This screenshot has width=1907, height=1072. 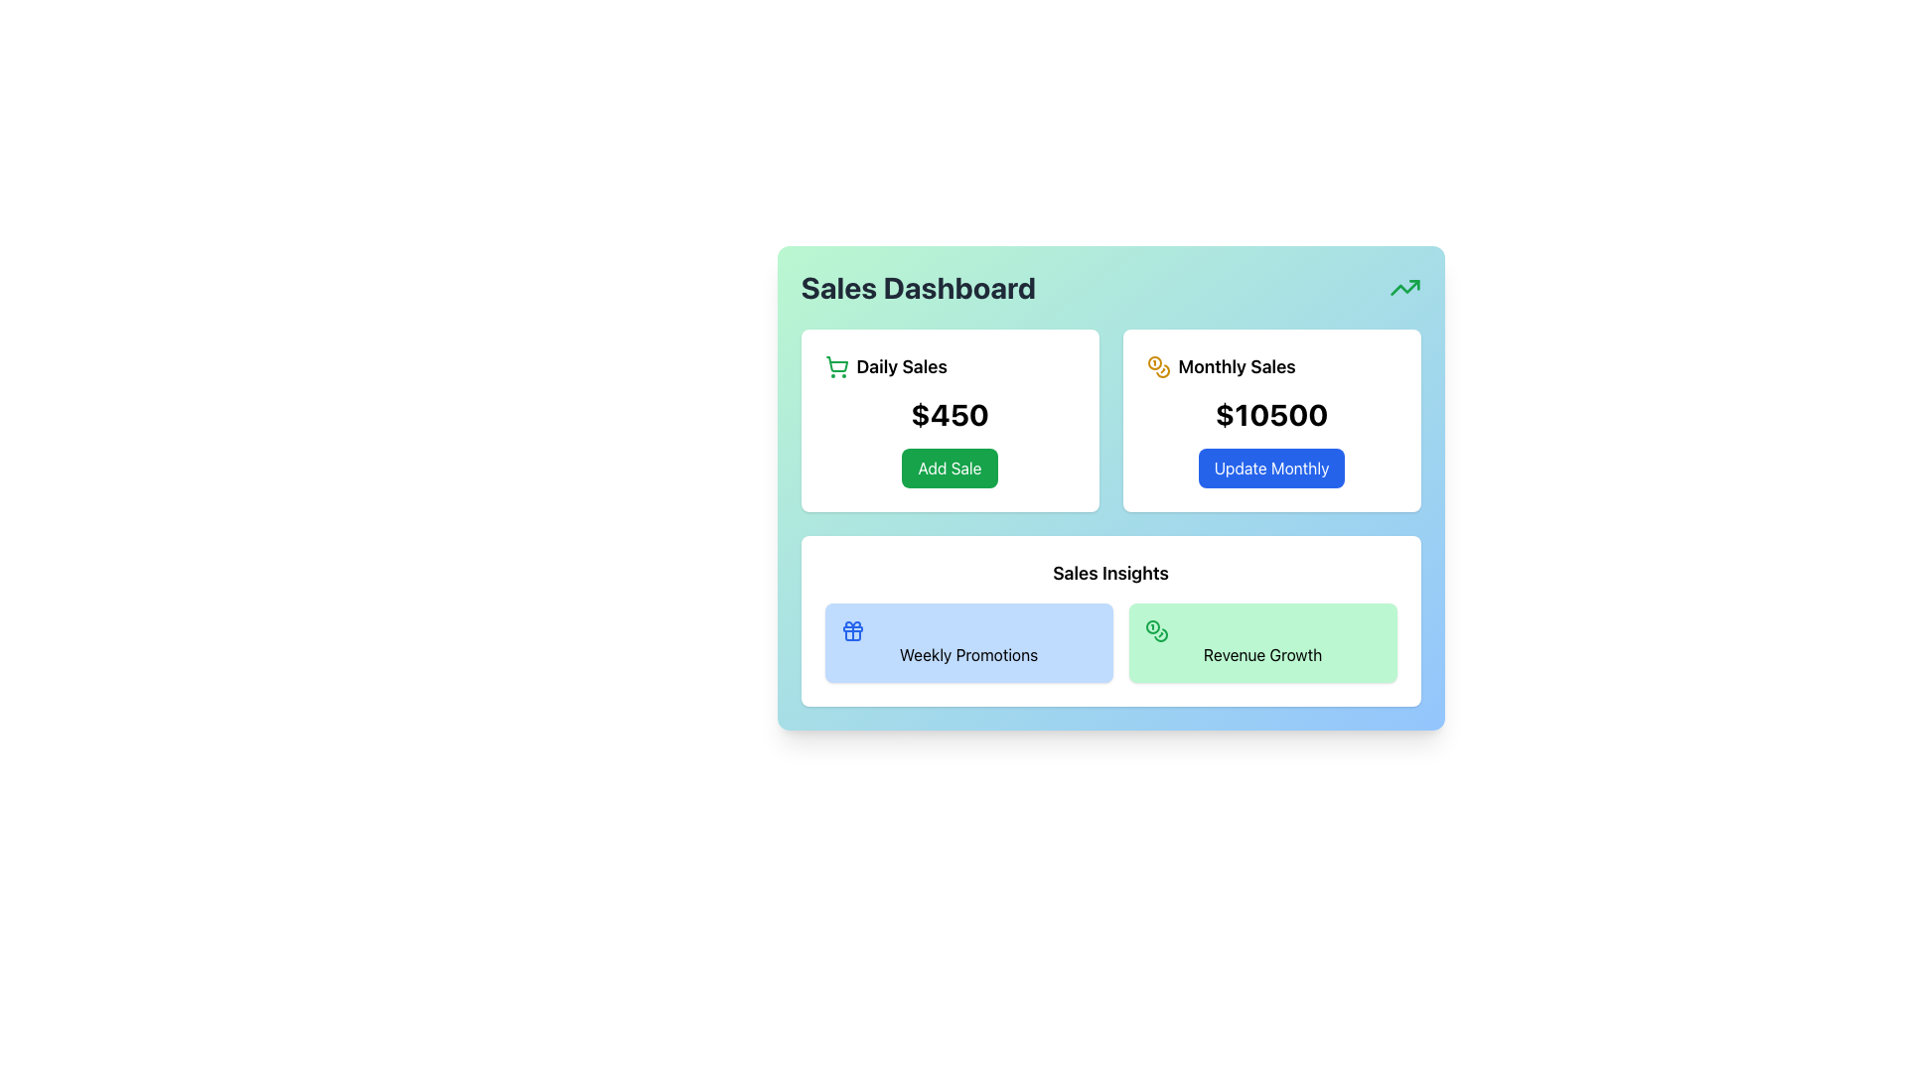 I want to click on the green rectangular button labeled 'Add Sale', so click(x=949, y=468).